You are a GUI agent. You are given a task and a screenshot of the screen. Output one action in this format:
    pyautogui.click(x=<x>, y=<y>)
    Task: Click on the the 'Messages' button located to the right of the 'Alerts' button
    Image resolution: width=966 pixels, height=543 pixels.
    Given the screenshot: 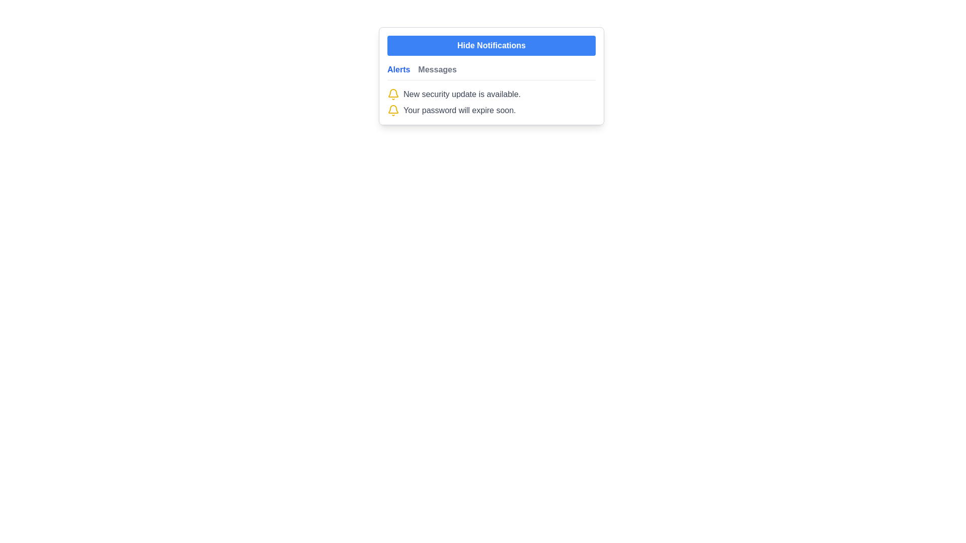 What is the action you would take?
    pyautogui.click(x=437, y=69)
    